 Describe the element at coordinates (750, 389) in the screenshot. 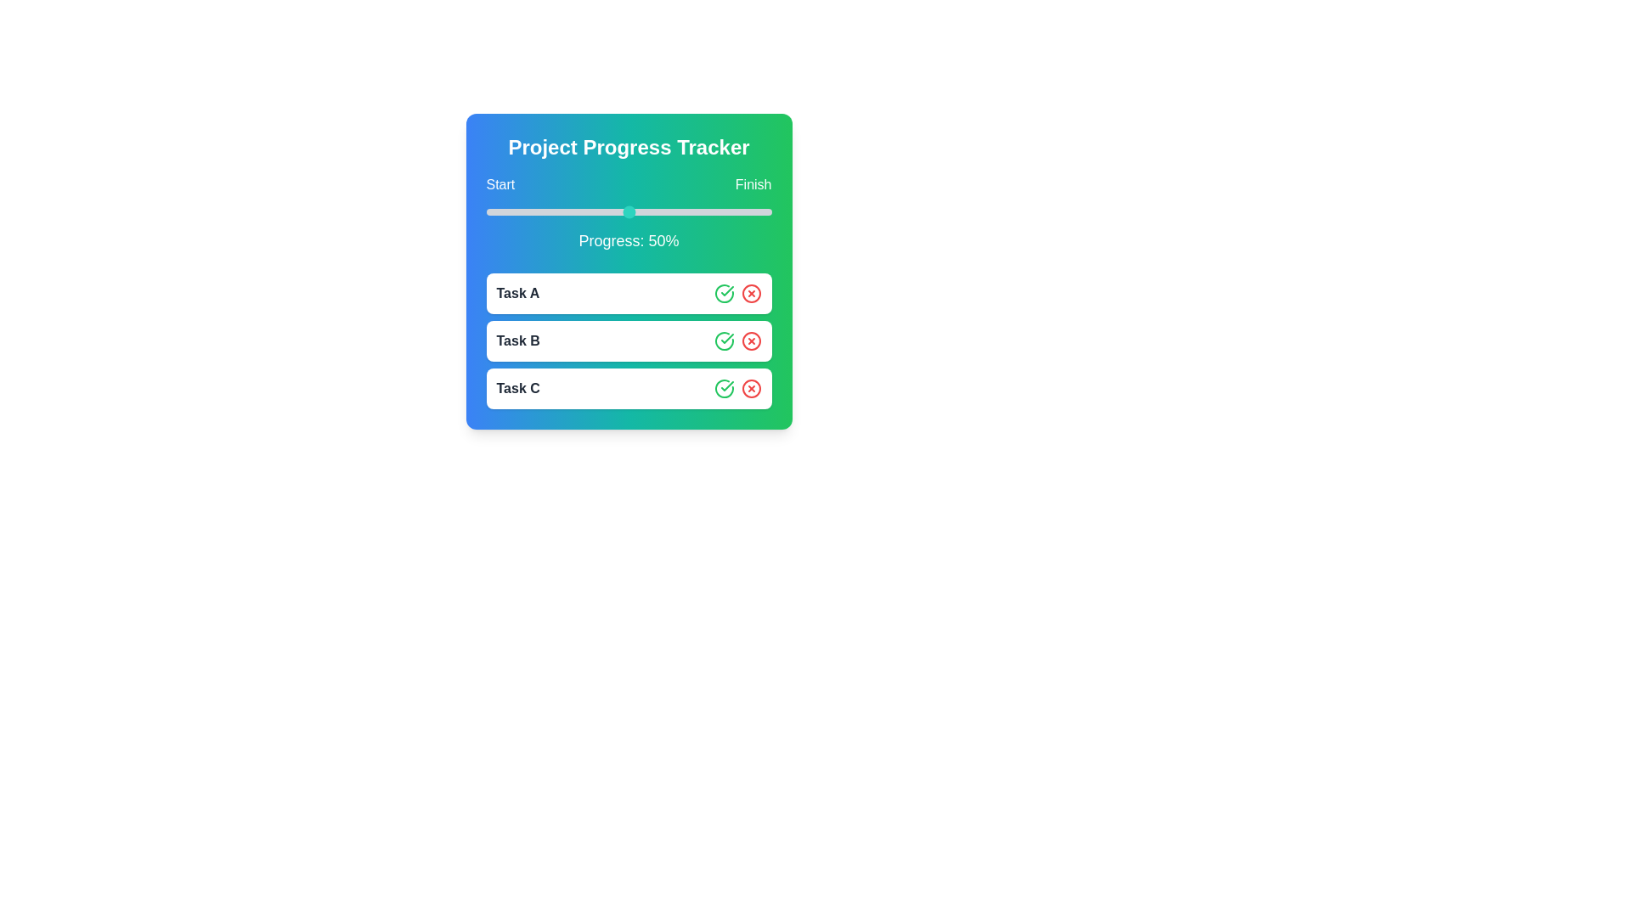

I see `cross button next to Task C to cancel it` at that location.